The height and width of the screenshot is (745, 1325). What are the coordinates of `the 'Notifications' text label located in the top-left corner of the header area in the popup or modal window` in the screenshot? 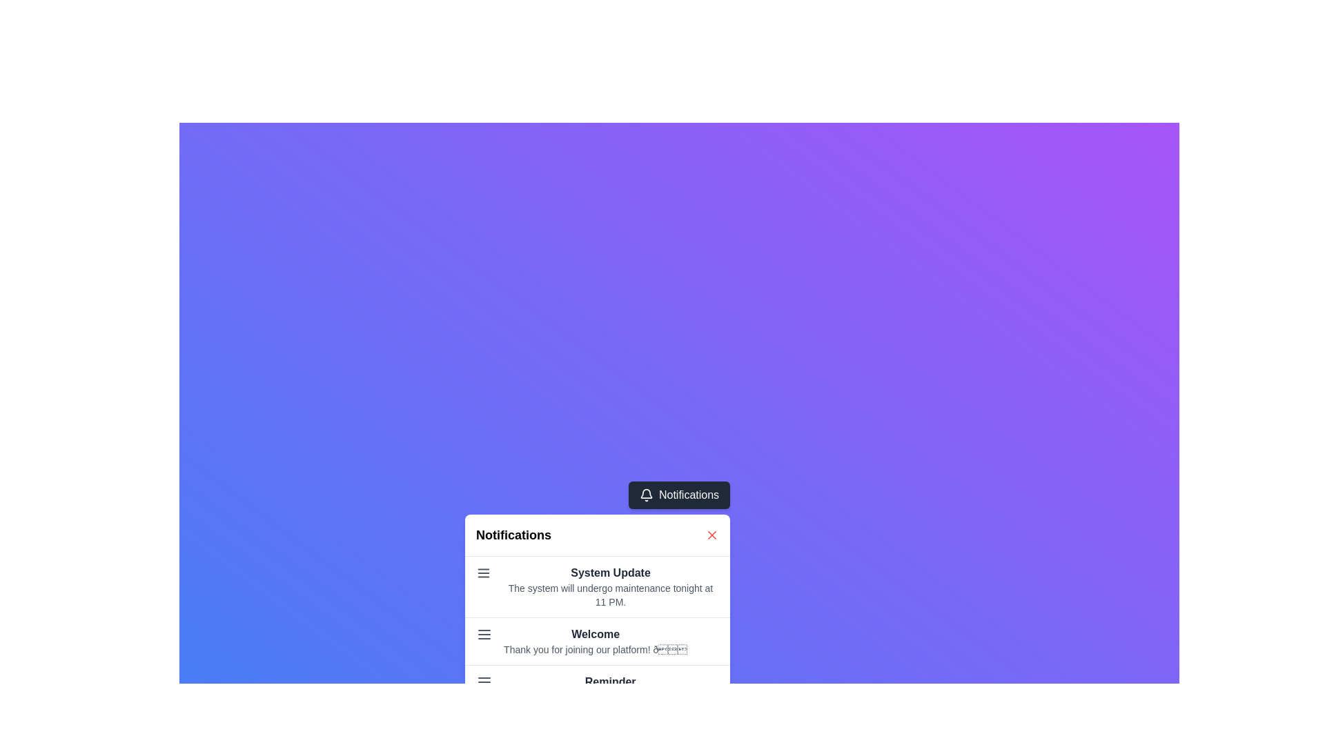 It's located at (513, 534).